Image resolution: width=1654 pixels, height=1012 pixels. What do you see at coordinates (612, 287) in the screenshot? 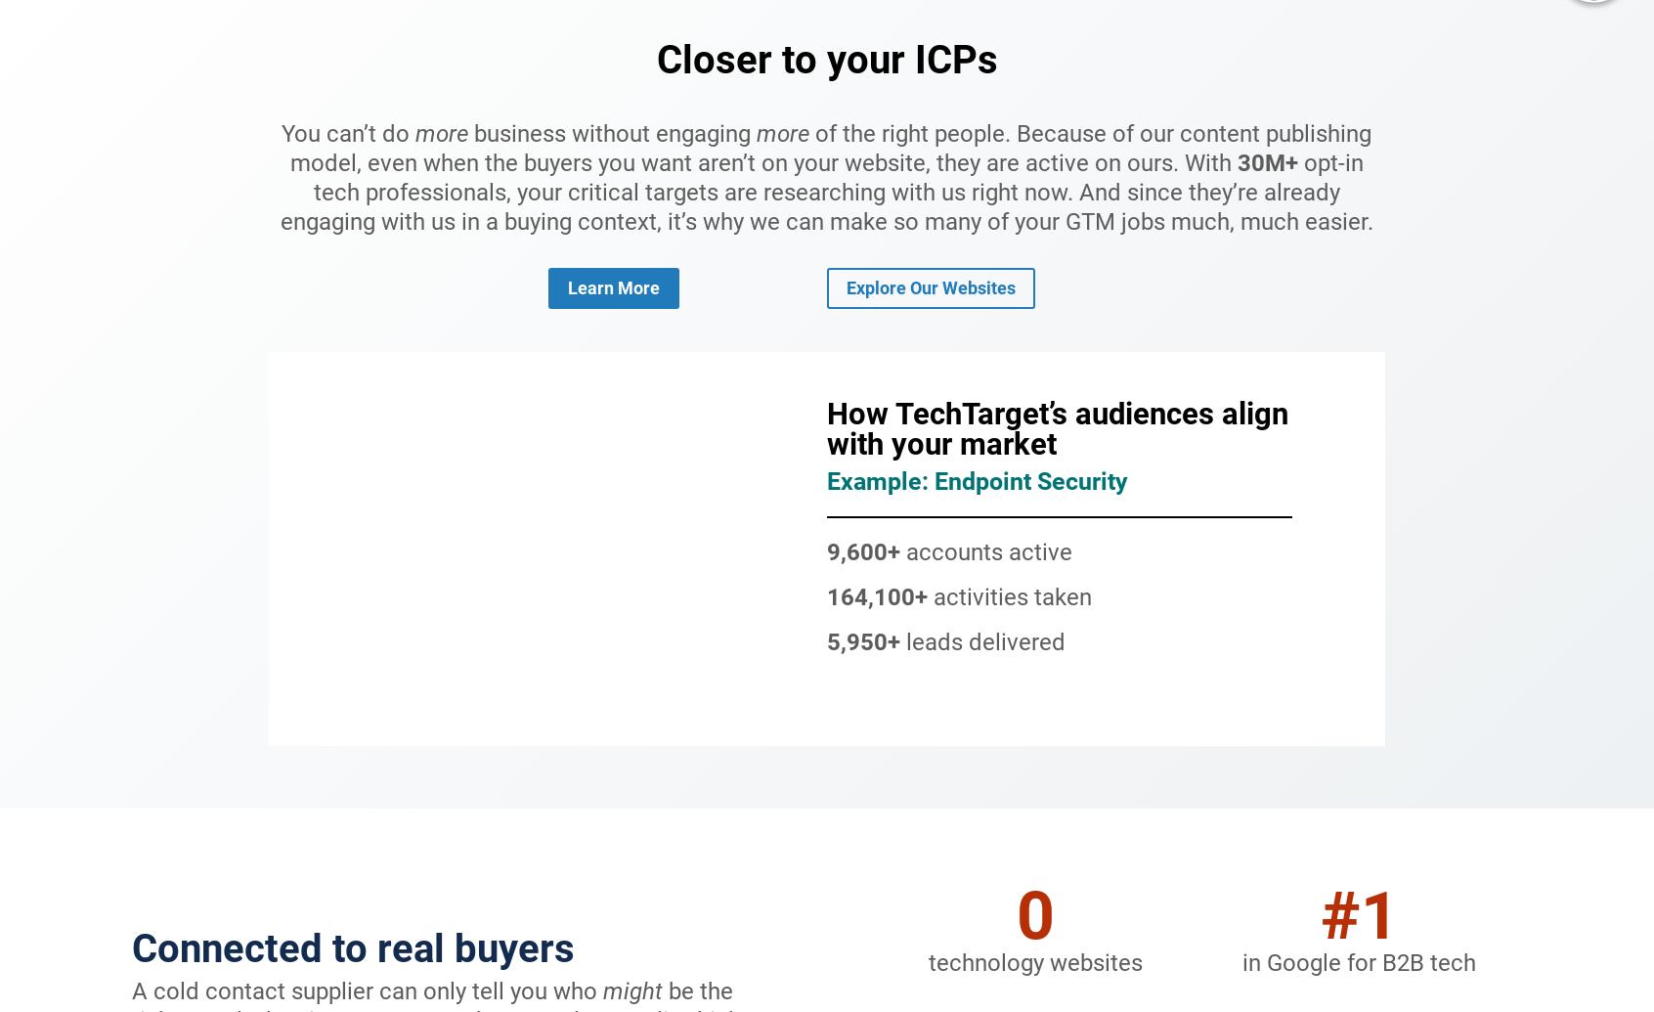
I see `'learn more'` at bounding box center [612, 287].